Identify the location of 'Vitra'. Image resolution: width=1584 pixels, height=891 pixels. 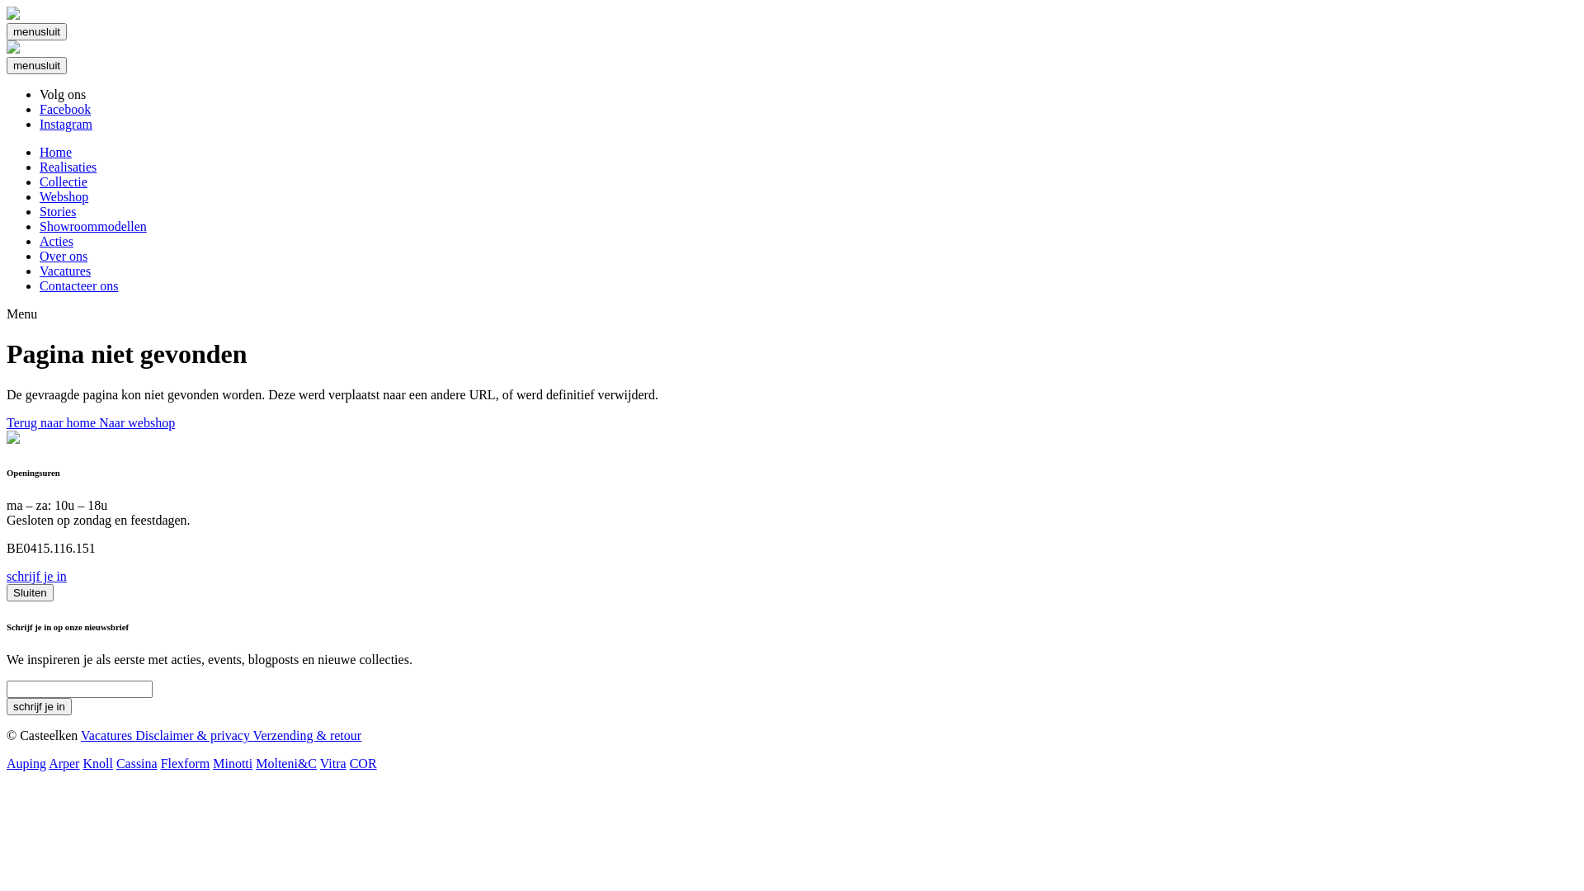
(332, 763).